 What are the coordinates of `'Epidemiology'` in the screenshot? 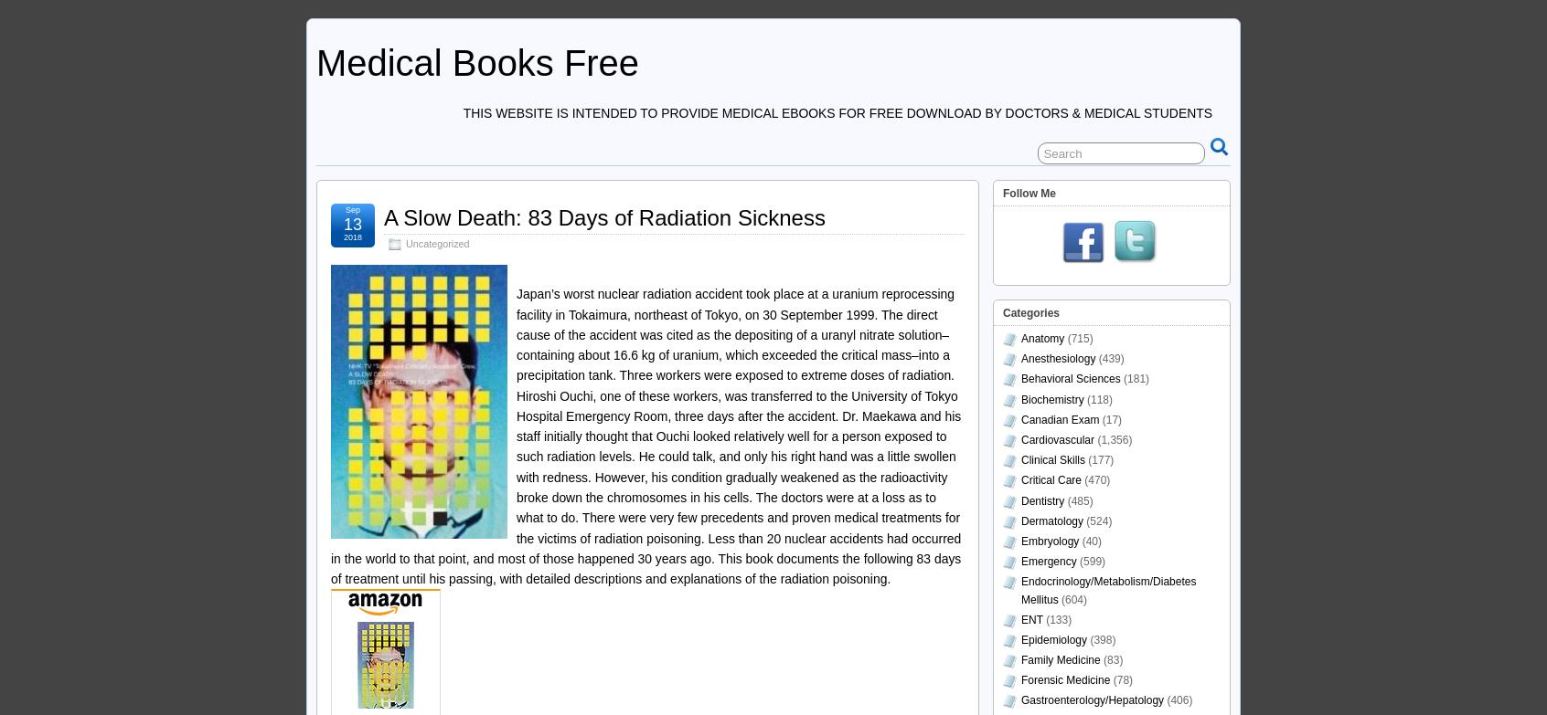 It's located at (1052, 638).